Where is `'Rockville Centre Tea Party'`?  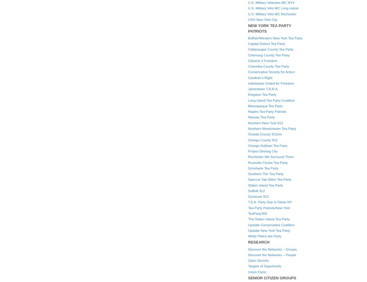 'Rockville Centre Tea Party' is located at coordinates (248, 162).